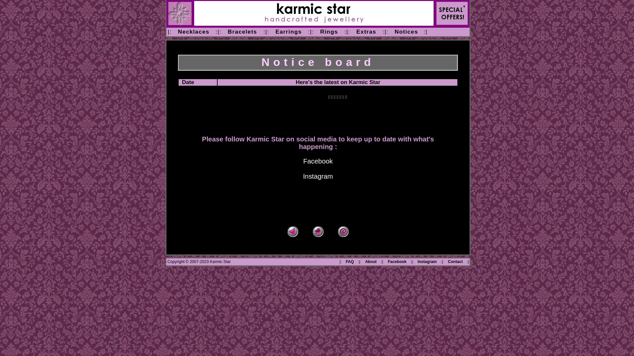 Image resolution: width=634 pixels, height=356 pixels. I want to click on 'Necklaces', so click(193, 32).